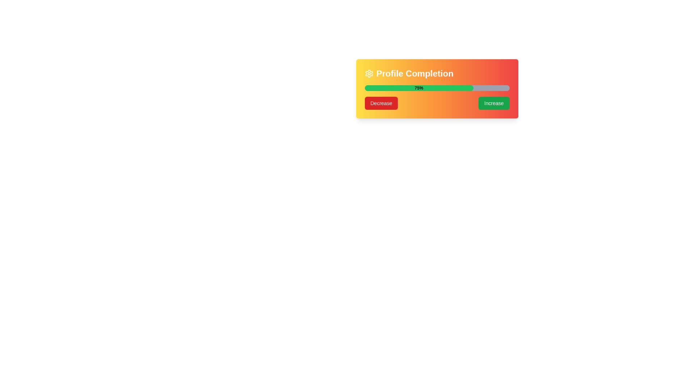 The image size is (695, 390). Describe the element at coordinates (437, 74) in the screenshot. I see `the 'Profile Completion' text label with gear icon` at that location.